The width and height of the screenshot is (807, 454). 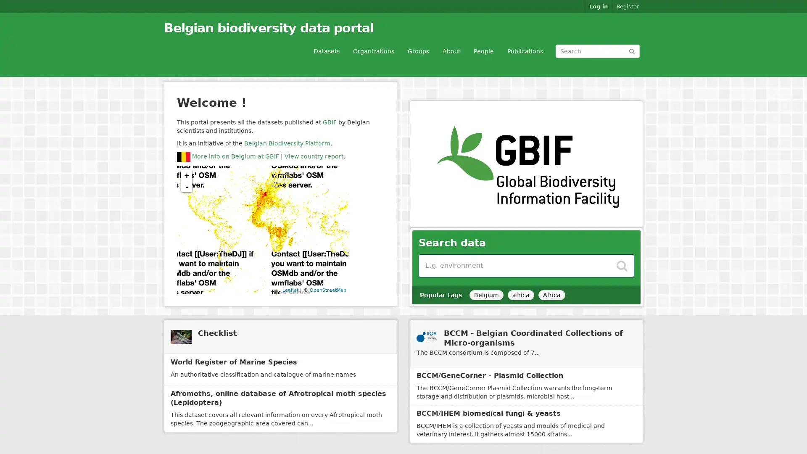 What do you see at coordinates (632, 50) in the screenshot?
I see `Submit` at bounding box center [632, 50].